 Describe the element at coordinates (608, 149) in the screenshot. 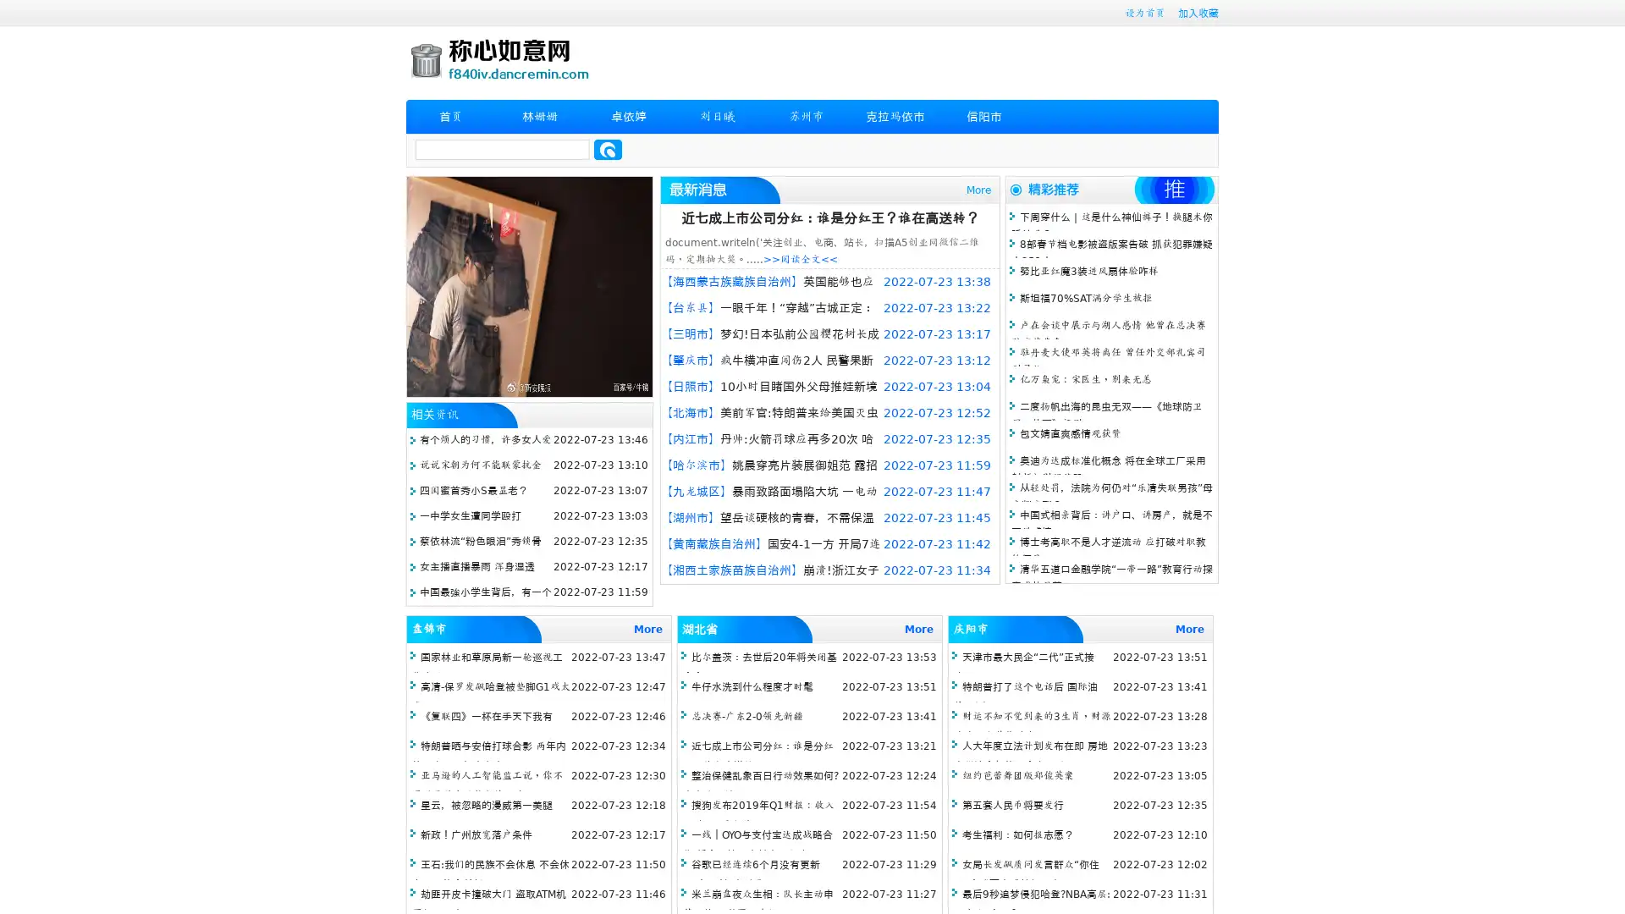

I see `Search` at that location.